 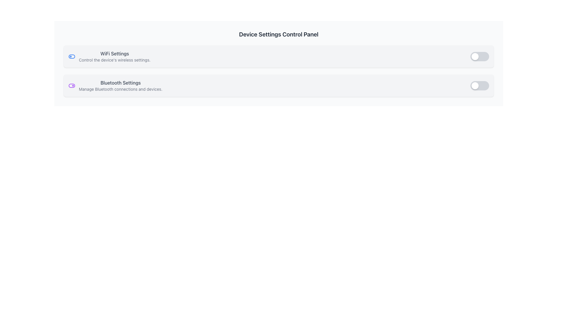 I want to click on the Composite component titled 'Bluetooth Settings', so click(x=278, y=85).